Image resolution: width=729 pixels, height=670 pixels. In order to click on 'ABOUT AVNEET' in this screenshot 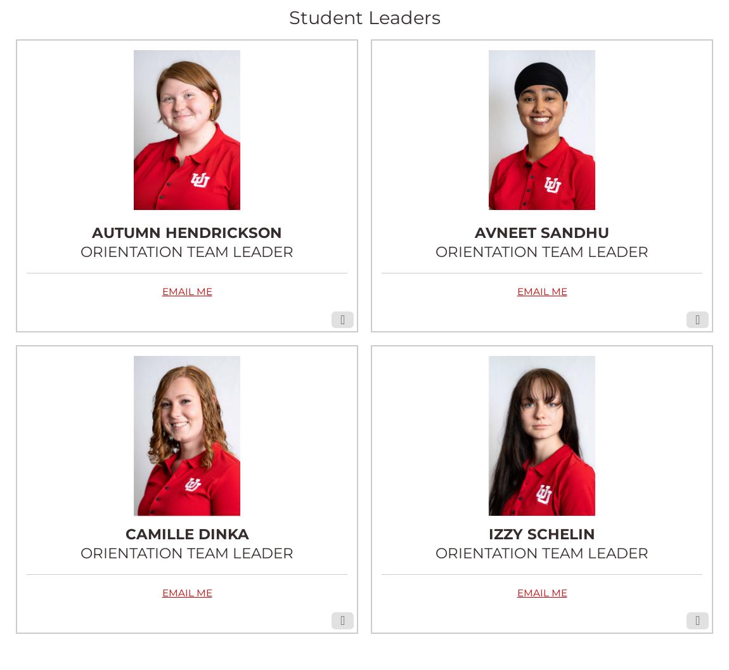, I will do `click(541, 56)`.